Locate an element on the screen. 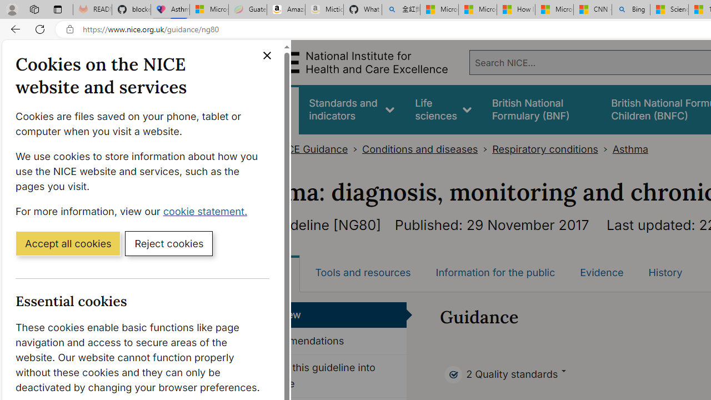 The width and height of the screenshot is (711, 400). 'false' is located at coordinates (541, 109).